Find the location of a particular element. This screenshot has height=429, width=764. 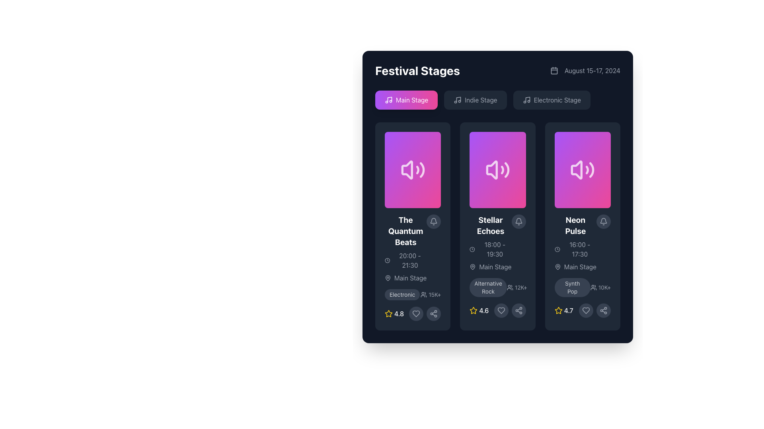

the star rating icon located in the bottom-right card under the 'Festival Stages' section to interact with the rating score is located at coordinates (558, 310).